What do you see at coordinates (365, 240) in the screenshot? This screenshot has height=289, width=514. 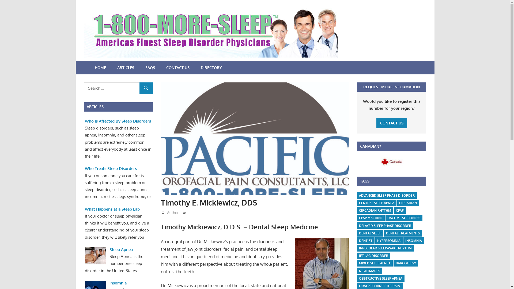 I see `'DENTIST'` at bounding box center [365, 240].